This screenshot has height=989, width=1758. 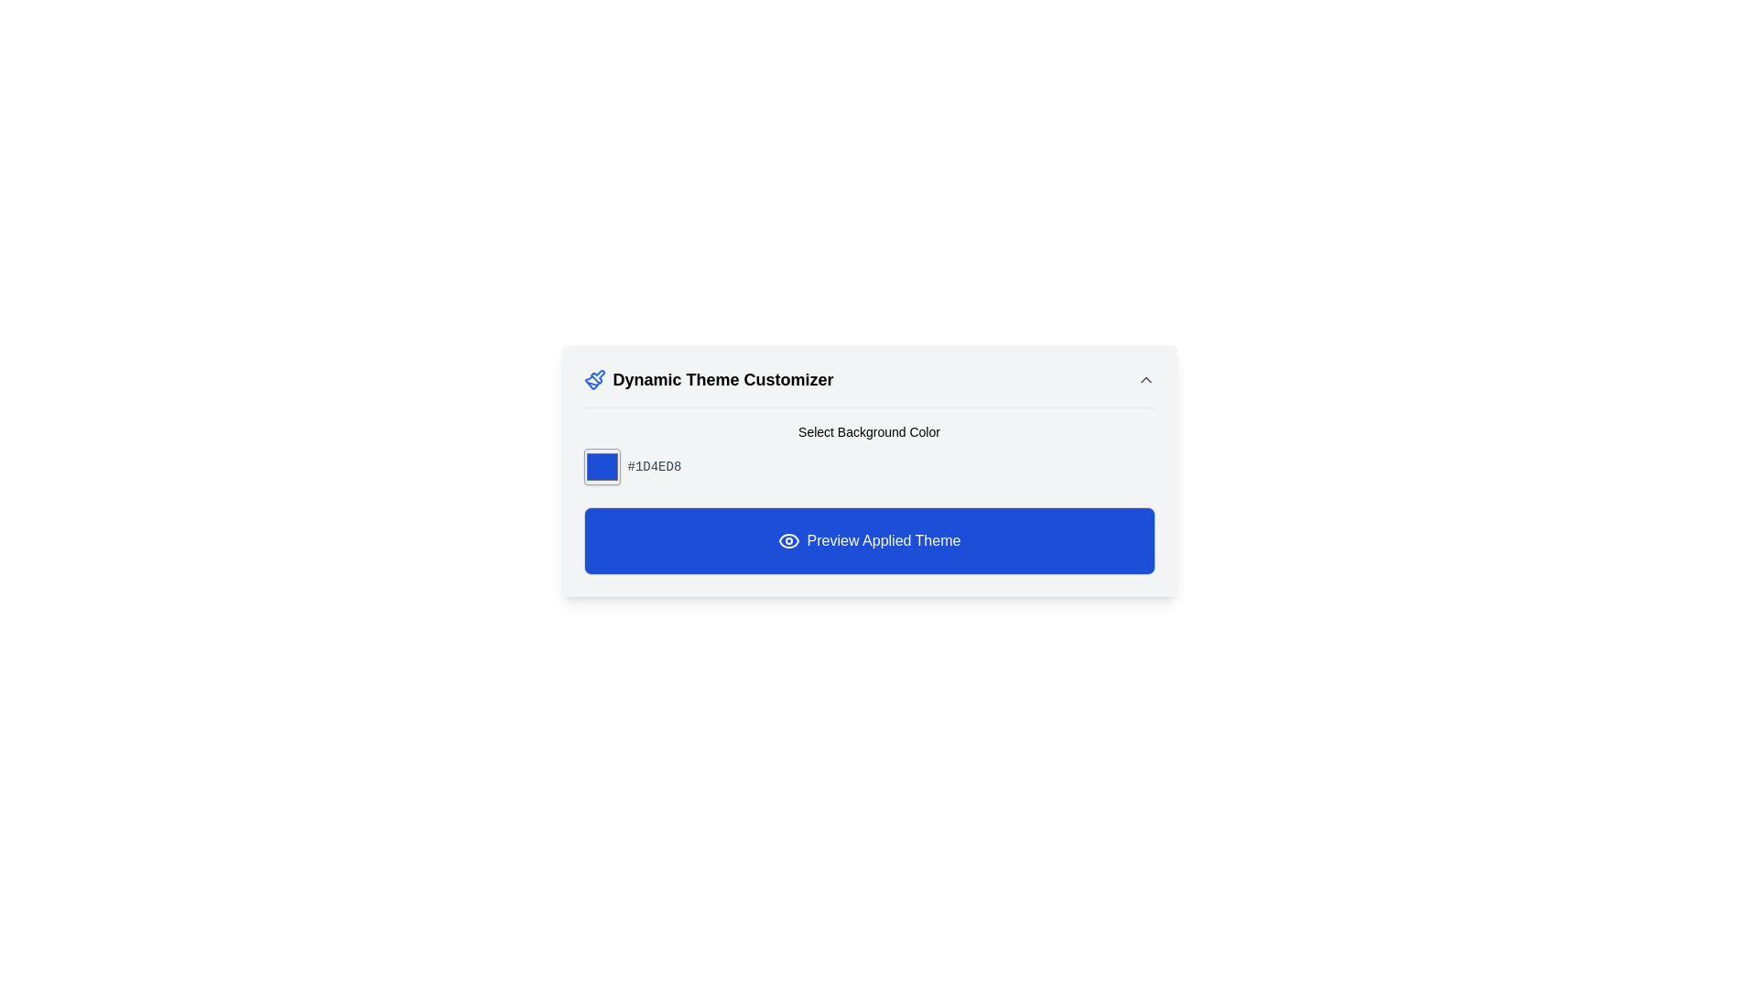 What do you see at coordinates (1145, 379) in the screenshot?
I see `the interactive button with an upward arrow design that toggles the 'Dynamic Theme Customizer' section, located in the top right corner of the header` at bounding box center [1145, 379].